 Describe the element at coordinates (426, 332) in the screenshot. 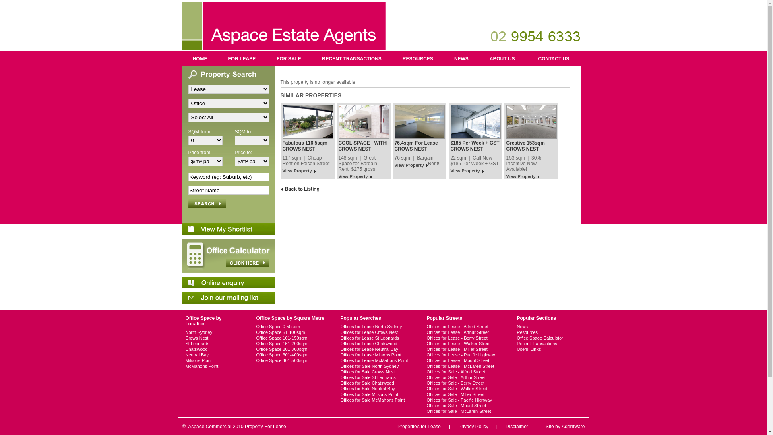

I see `'Offices for Lease - Arthur Street'` at that location.